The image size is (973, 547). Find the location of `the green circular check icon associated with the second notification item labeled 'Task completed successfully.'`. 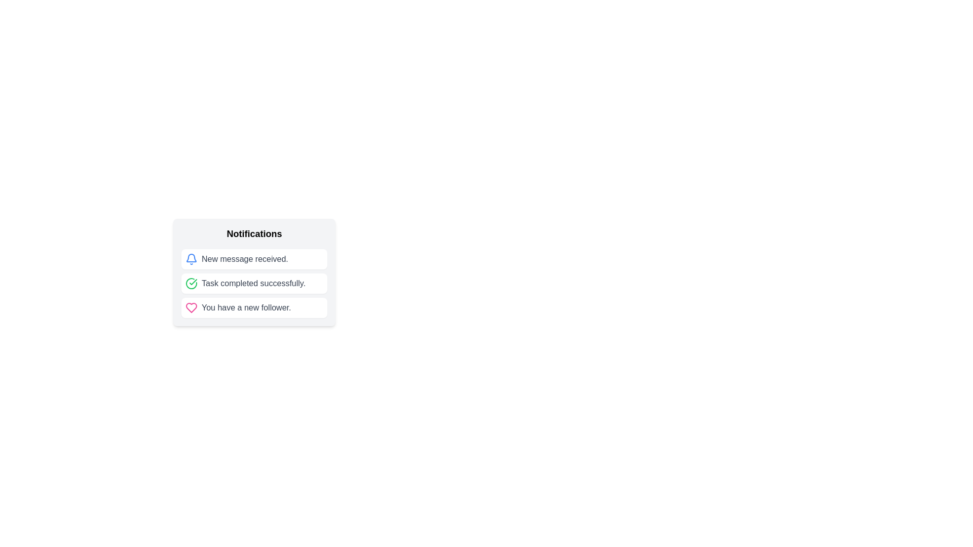

the green circular check icon associated with the second notification item labeled 'Task completed successfully.' is located at coordinates (254, 283).